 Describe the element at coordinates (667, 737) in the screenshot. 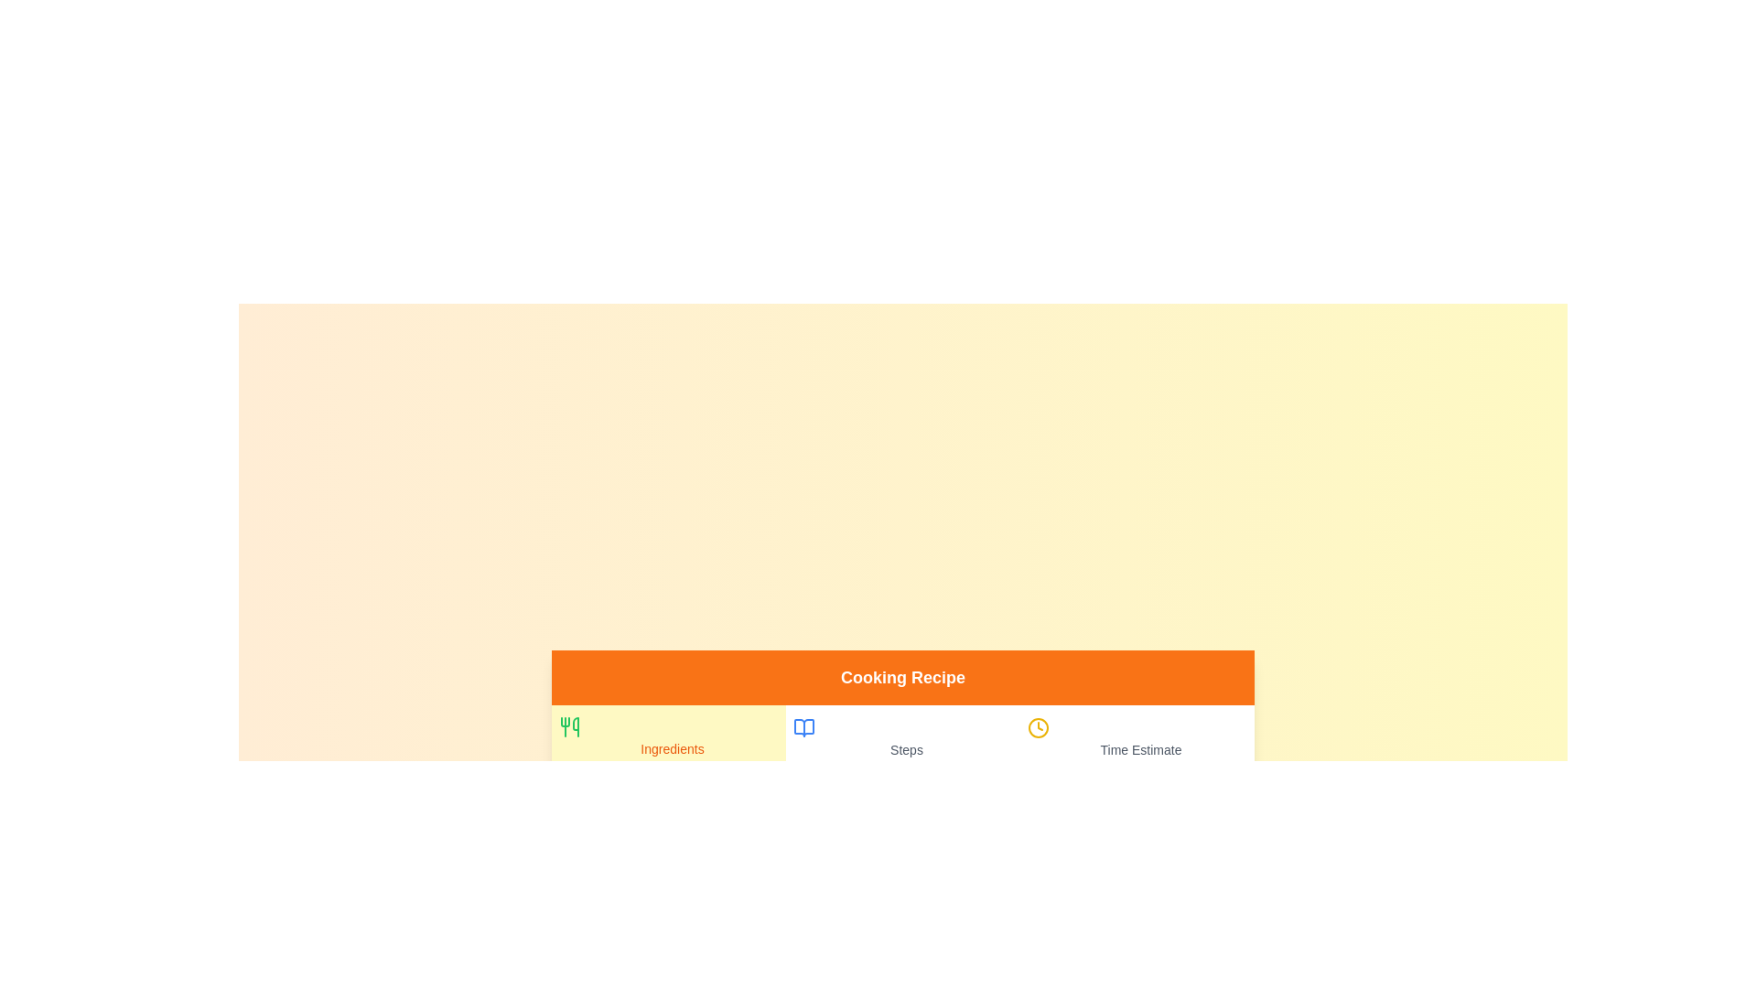

I see `the tab labeled Ingredients to switch to the corresponding section` at that location.